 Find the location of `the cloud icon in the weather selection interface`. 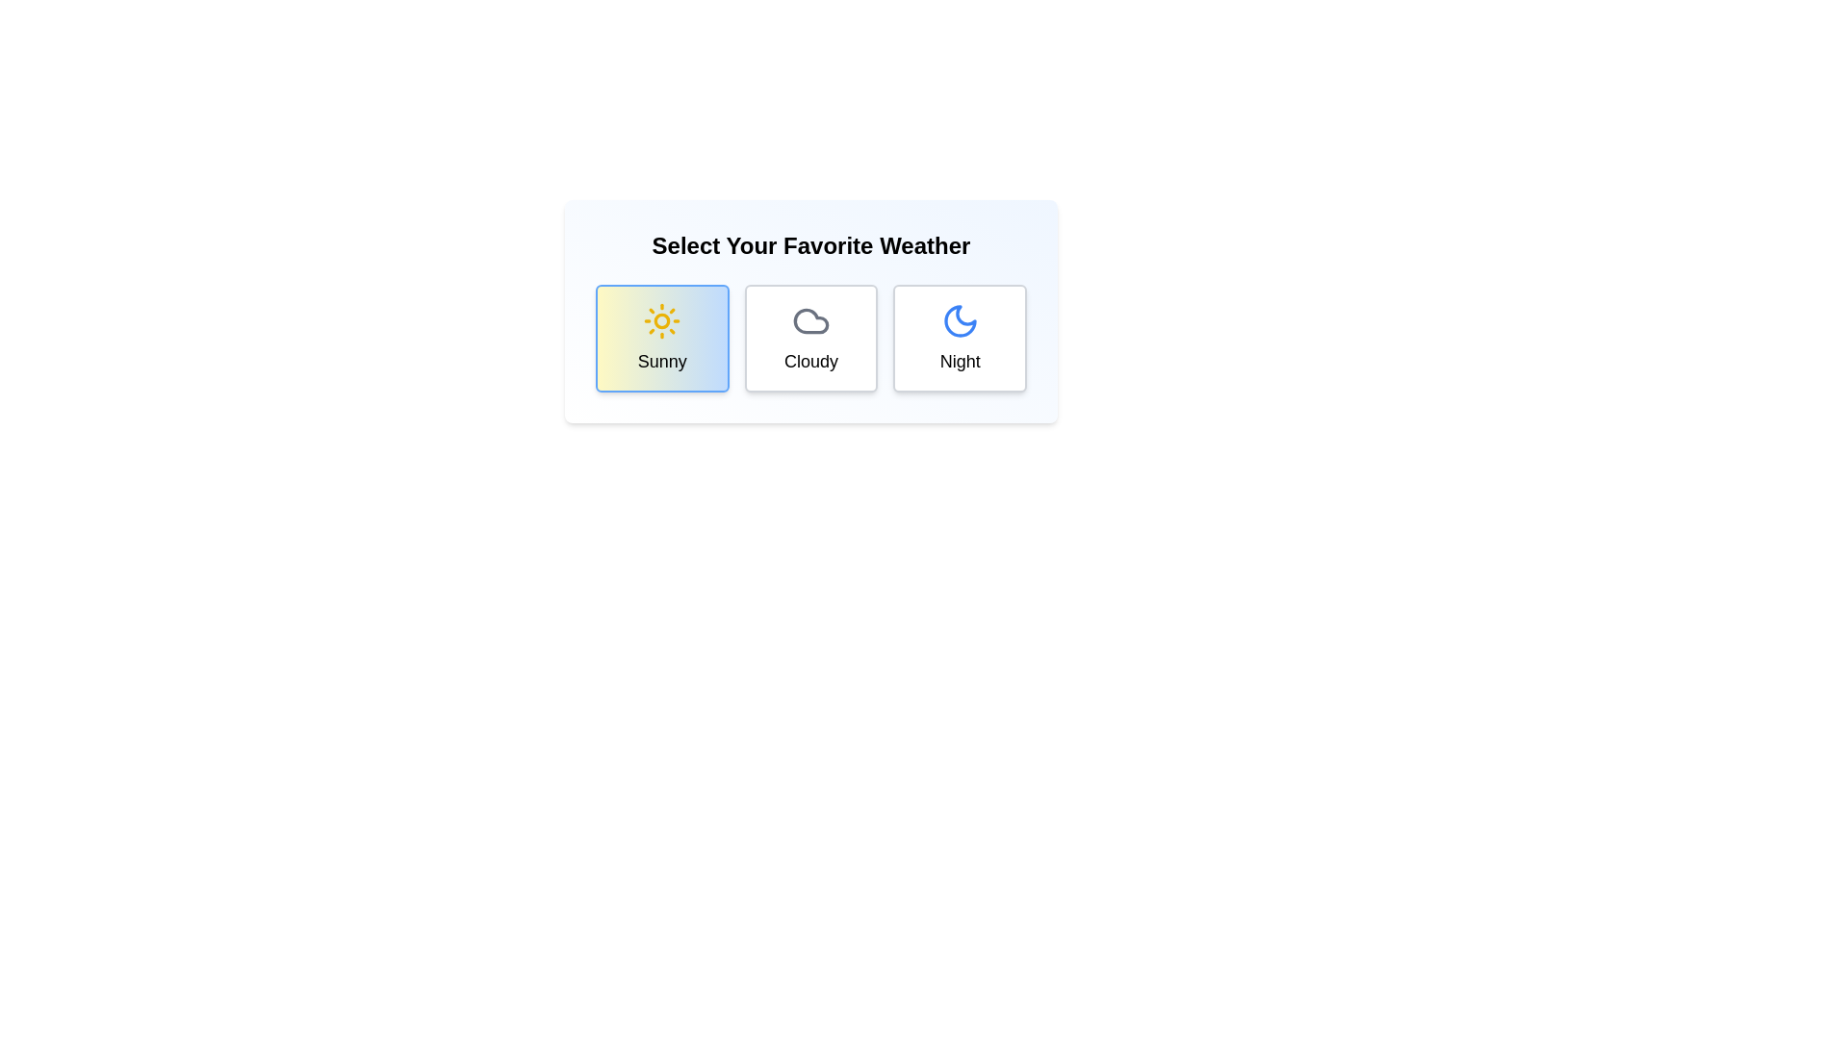

the cloud icon in the weather selection interface is located at coordinates (811, 320).